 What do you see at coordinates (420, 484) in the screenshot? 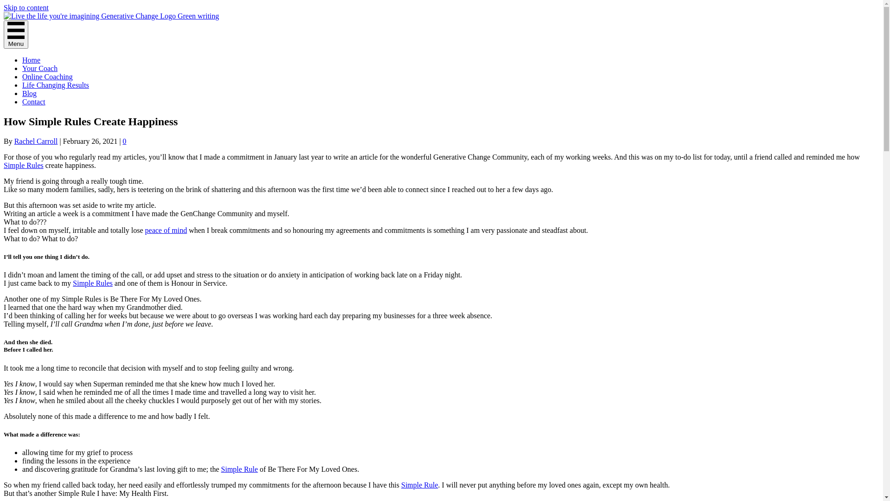
I see `'Simple Rule'` at bounding box center [420, 484].